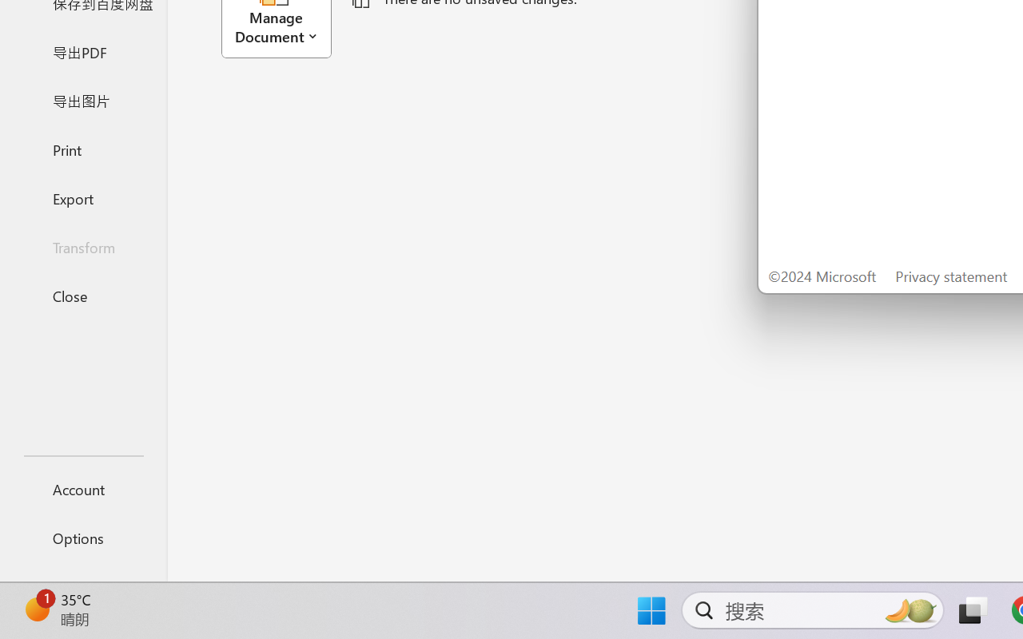 The height and width of the screenshot is (639, 1023). Describe the element at coordinates (82, 489) in the screenshot. I see `'Account'` at that location.